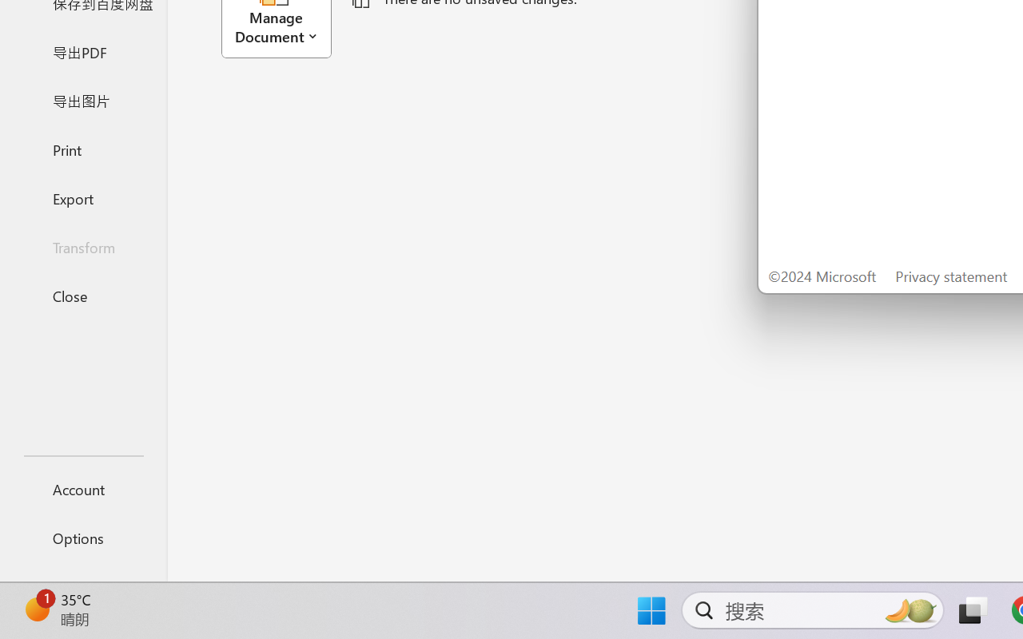 The height and width of the screenshot is (639, 1023). Describe the element at coordinates (82, 489) in the screenshot. I see `'Account'` at that location.